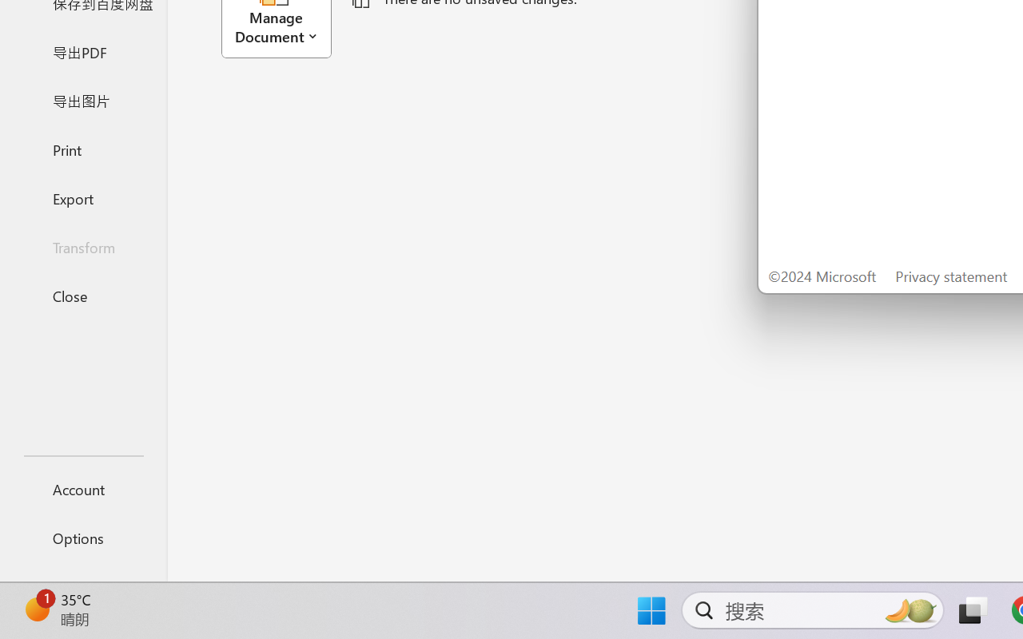 The height and width of the screenshot is (639, 1023). Describe the element at coordinates (82, 489) in the screenshot. I see `'Account'` at that location.